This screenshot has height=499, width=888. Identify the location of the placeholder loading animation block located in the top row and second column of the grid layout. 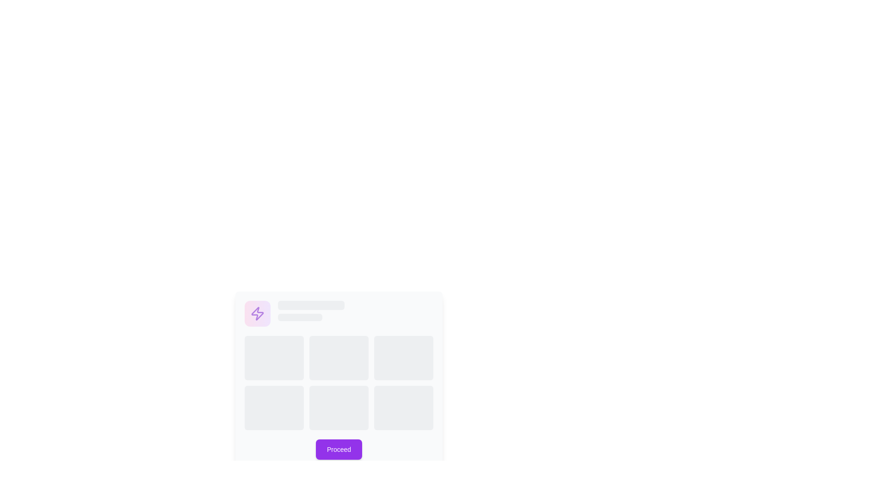
(339, 358).